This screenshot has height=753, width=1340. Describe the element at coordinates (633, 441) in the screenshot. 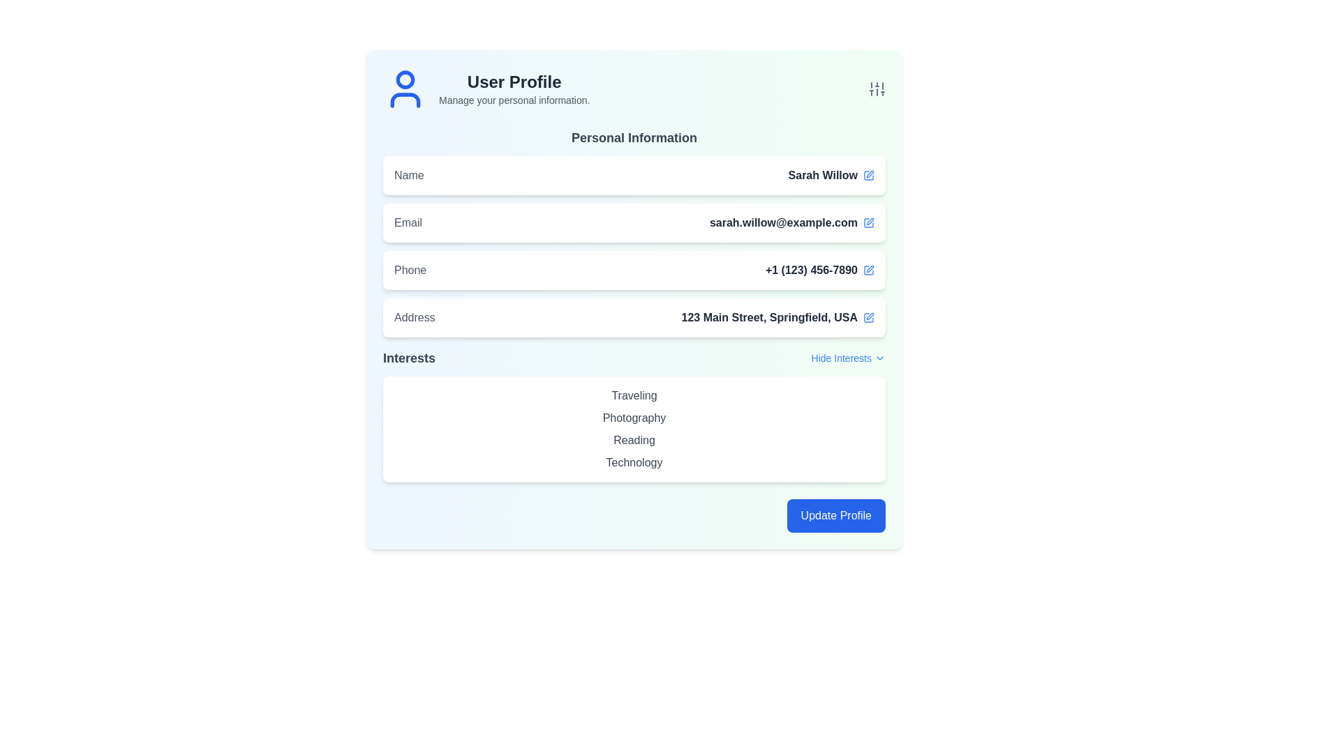

I see `the 'Reading' label, which is the third item in the 'Interests' section, styled in gray with medium font weight` at that location.